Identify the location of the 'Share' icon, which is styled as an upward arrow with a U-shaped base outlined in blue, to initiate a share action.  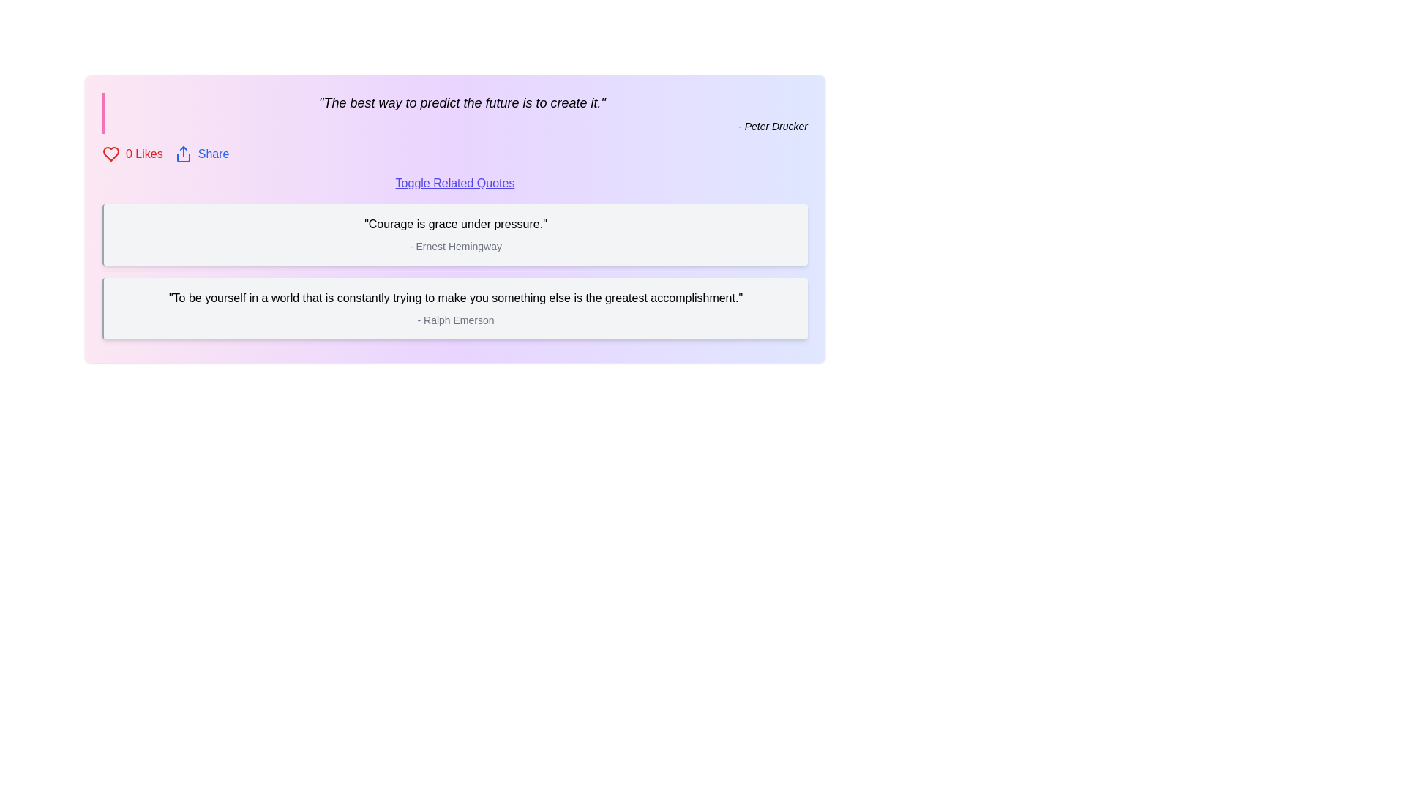
(182, 154).